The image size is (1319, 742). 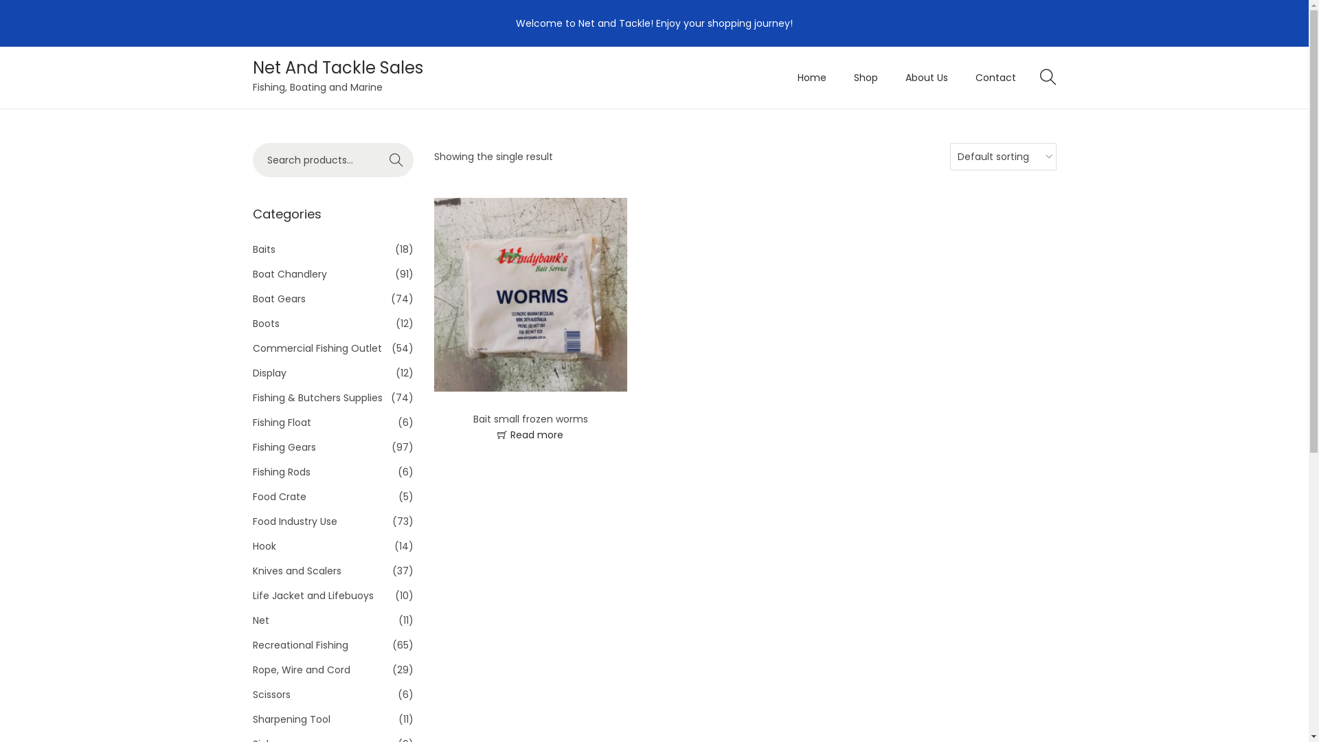 What do you see at coordinates (264, 249) in the screenshot?
I see `'Baits'` at bounding box center [264, 249].